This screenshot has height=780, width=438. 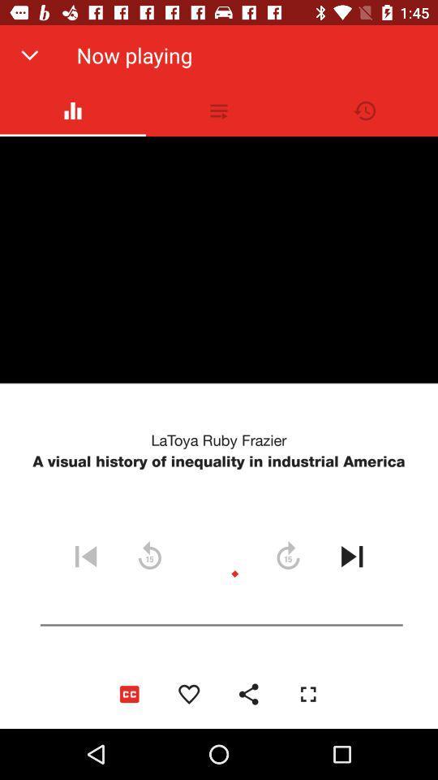 What do you see at coordinates (308, 693) in the screenshot?
I see `the fullscreen icon` at bounding box center [308, 693].